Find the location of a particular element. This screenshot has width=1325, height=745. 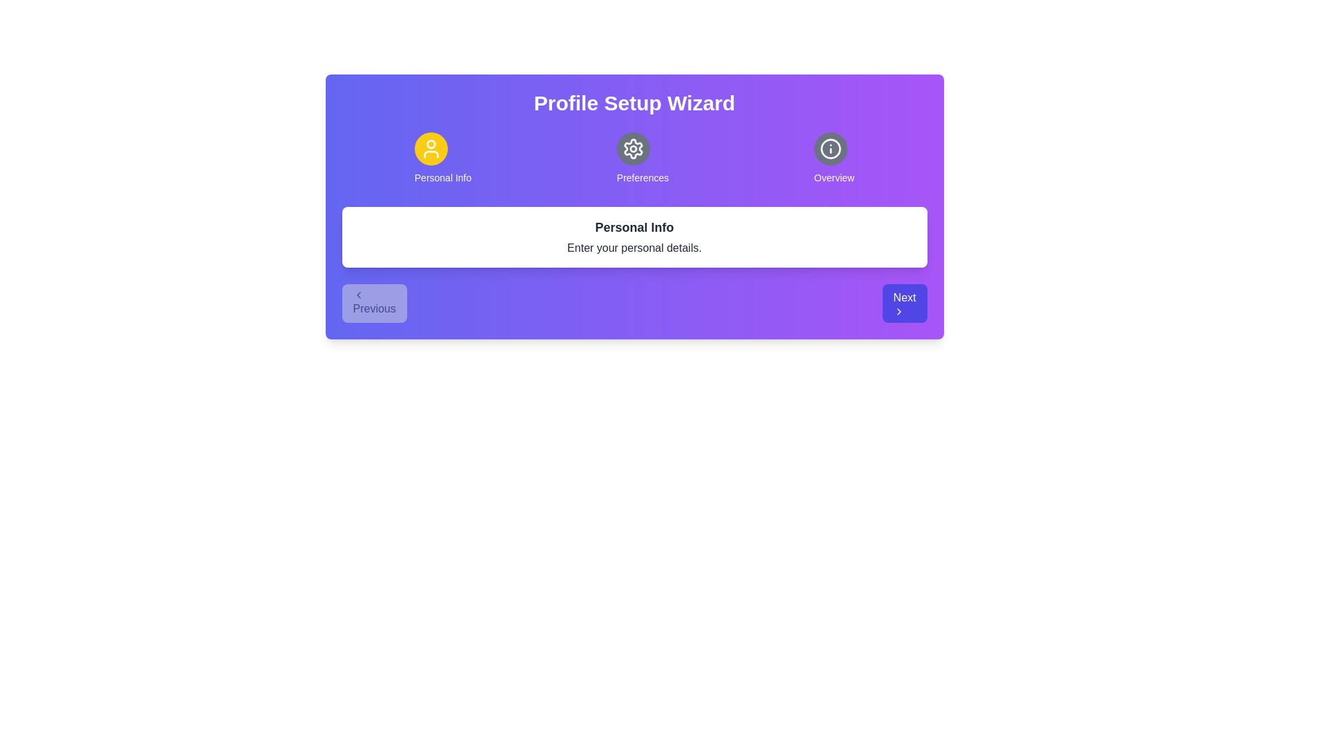

the step indicator for Overview to view its content is located at coordinates (834, 158).